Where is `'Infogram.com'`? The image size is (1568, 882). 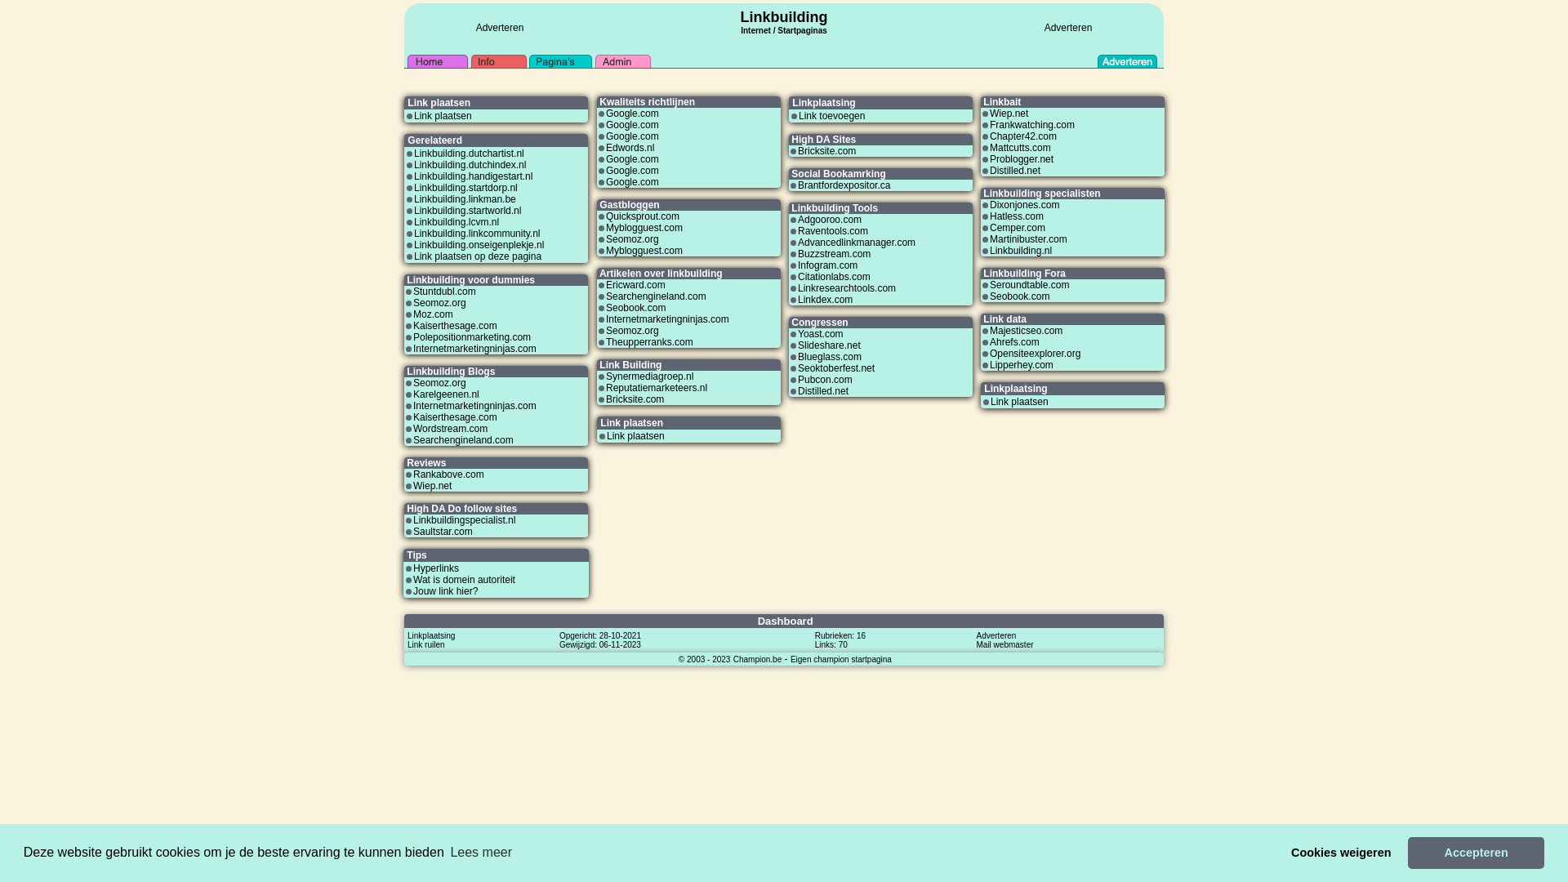 'Infogram.com' is located at coordinates (827, 264).